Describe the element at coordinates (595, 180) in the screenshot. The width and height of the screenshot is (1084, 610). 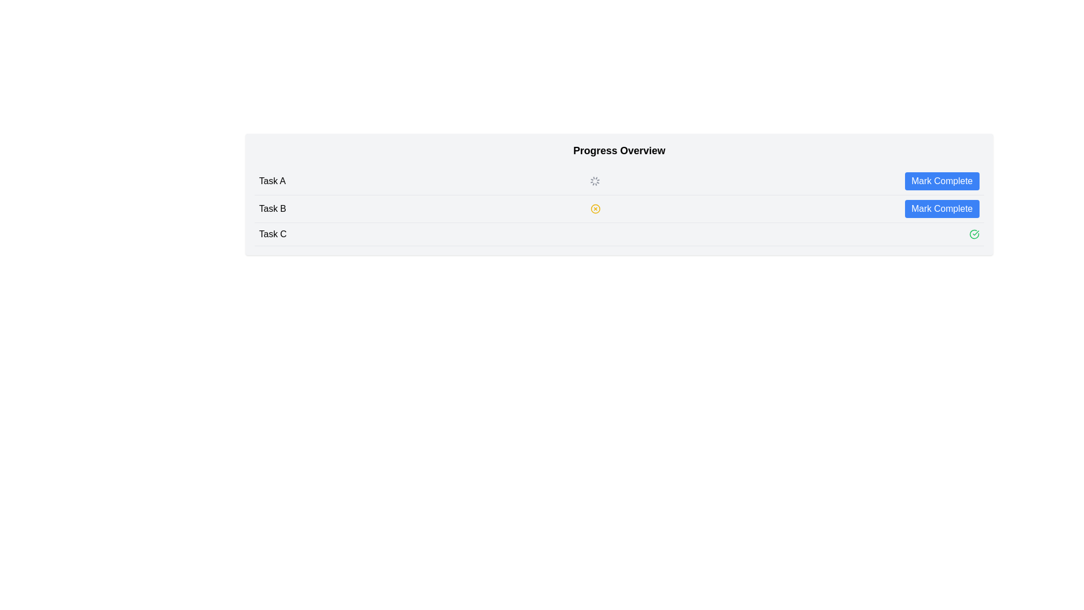
I see `the loading spinner icon located in the task progress overview table, which is the second item in the row containing 'Task A' and the 'Mark Complete' button` at that location.